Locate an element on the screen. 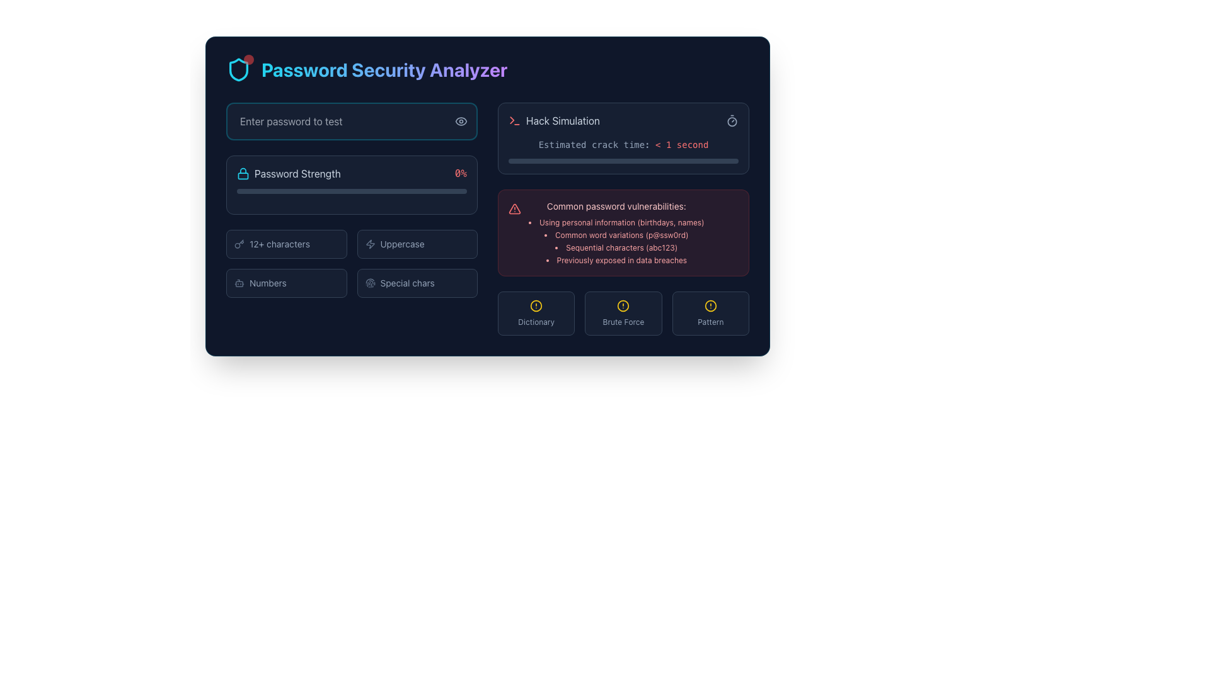  the informational display that indicates the password strength level, currently showing 0% is located at coordinates (352, 174).